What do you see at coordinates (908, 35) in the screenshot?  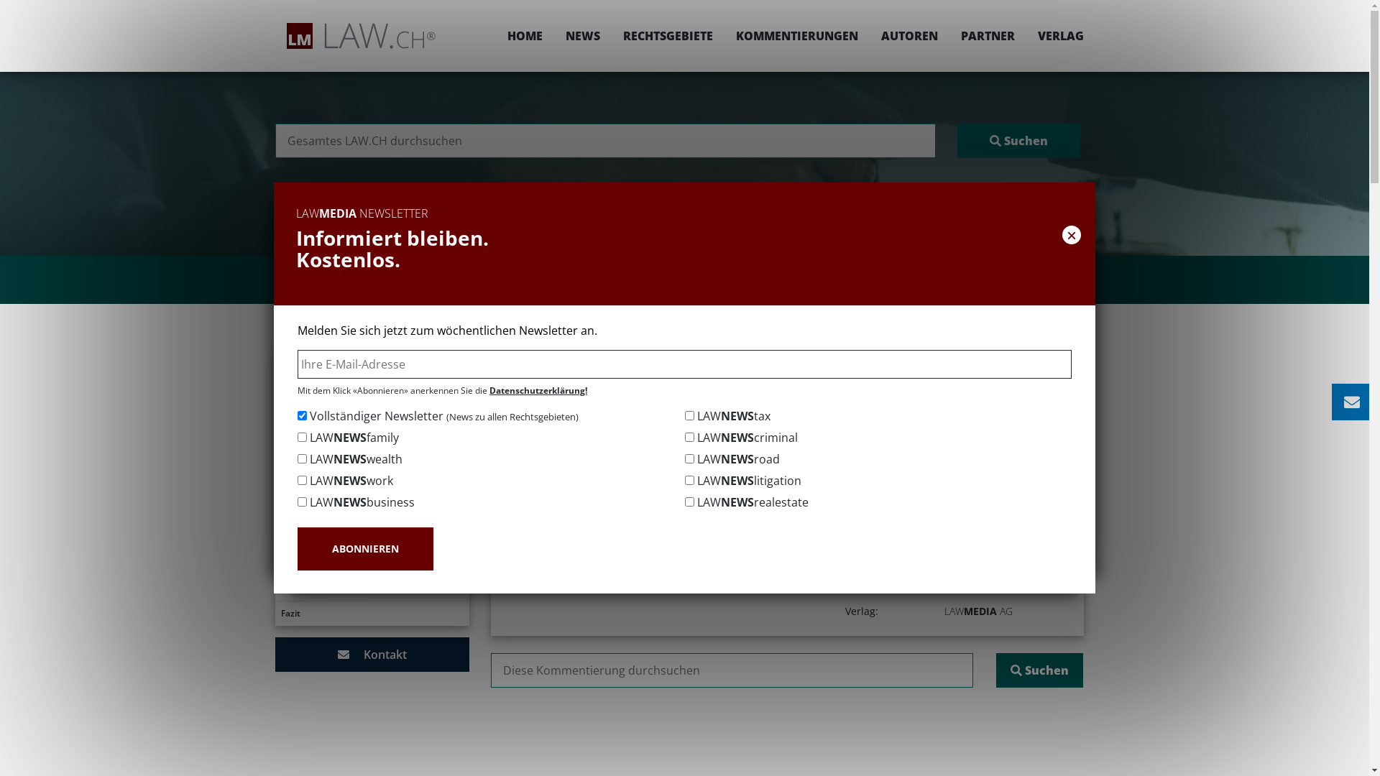 I see `'AUTOREN'` at bounding box center [908, 35].